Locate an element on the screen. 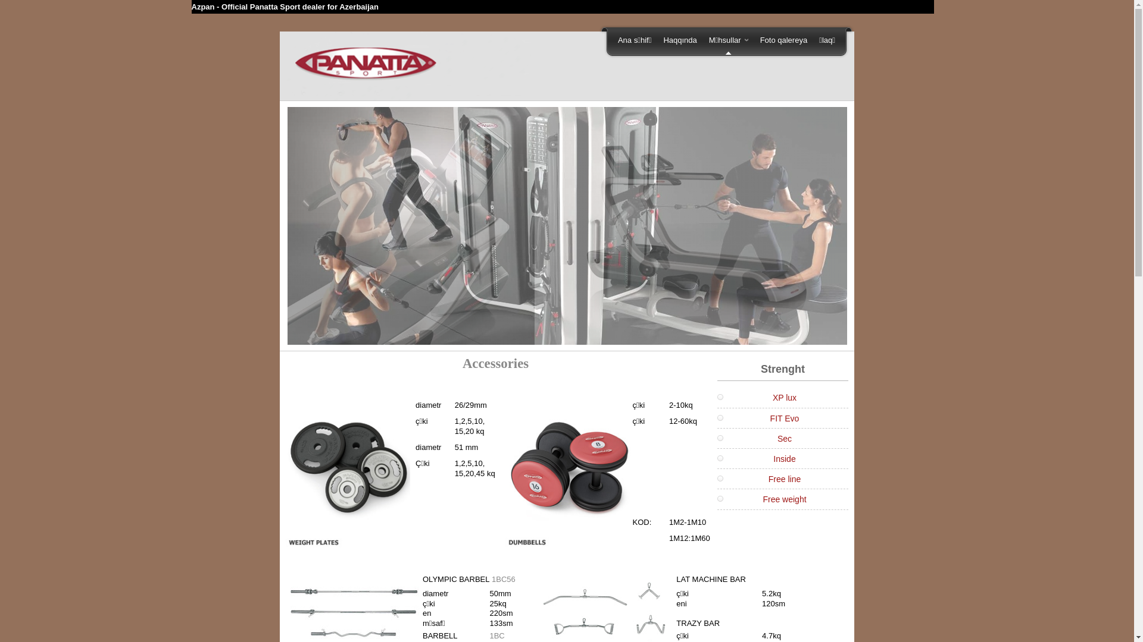  'Free weight' is located at coordinates (784, 499).